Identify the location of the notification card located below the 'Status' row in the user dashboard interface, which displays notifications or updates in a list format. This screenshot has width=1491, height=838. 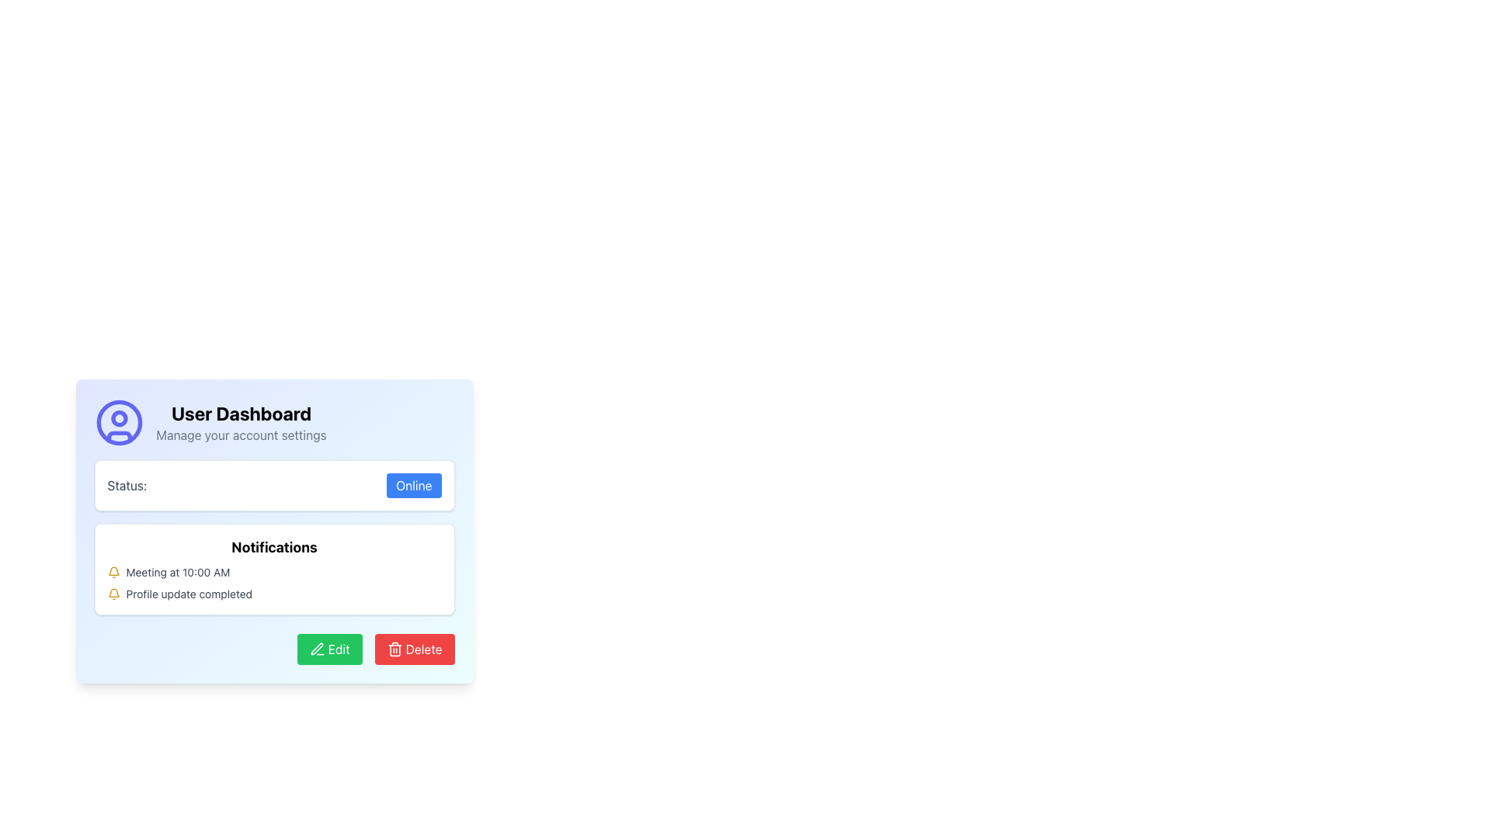
(274, 569).